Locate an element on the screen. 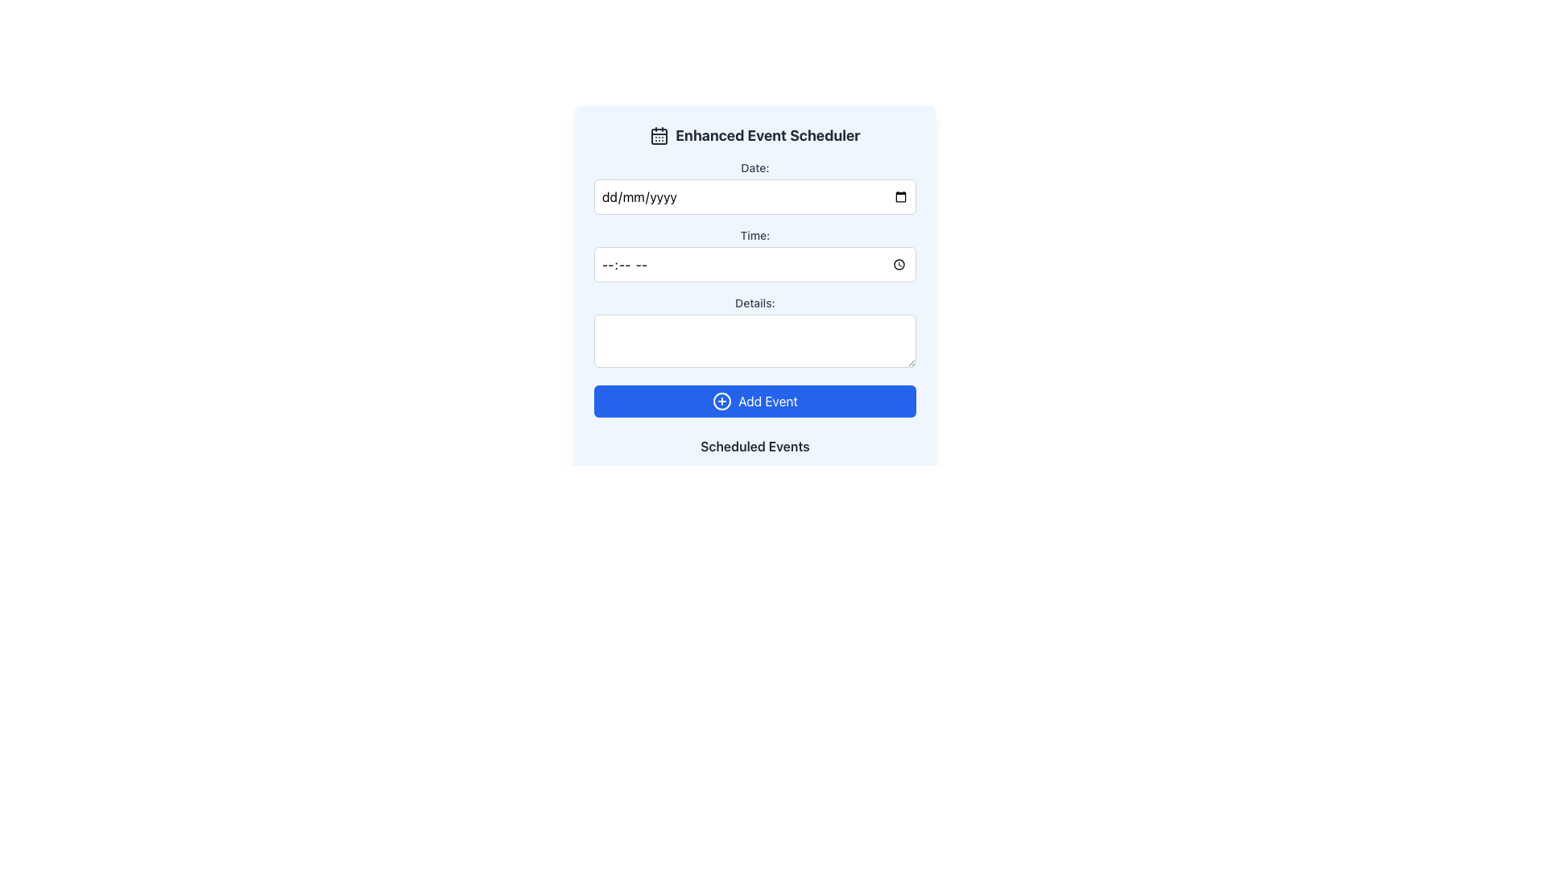  the circular '+' icon located within the blue 'Add Event' button, which is positioned below the input fields and above the 'Scheduled Events' label is located at coordinates (721, 400).